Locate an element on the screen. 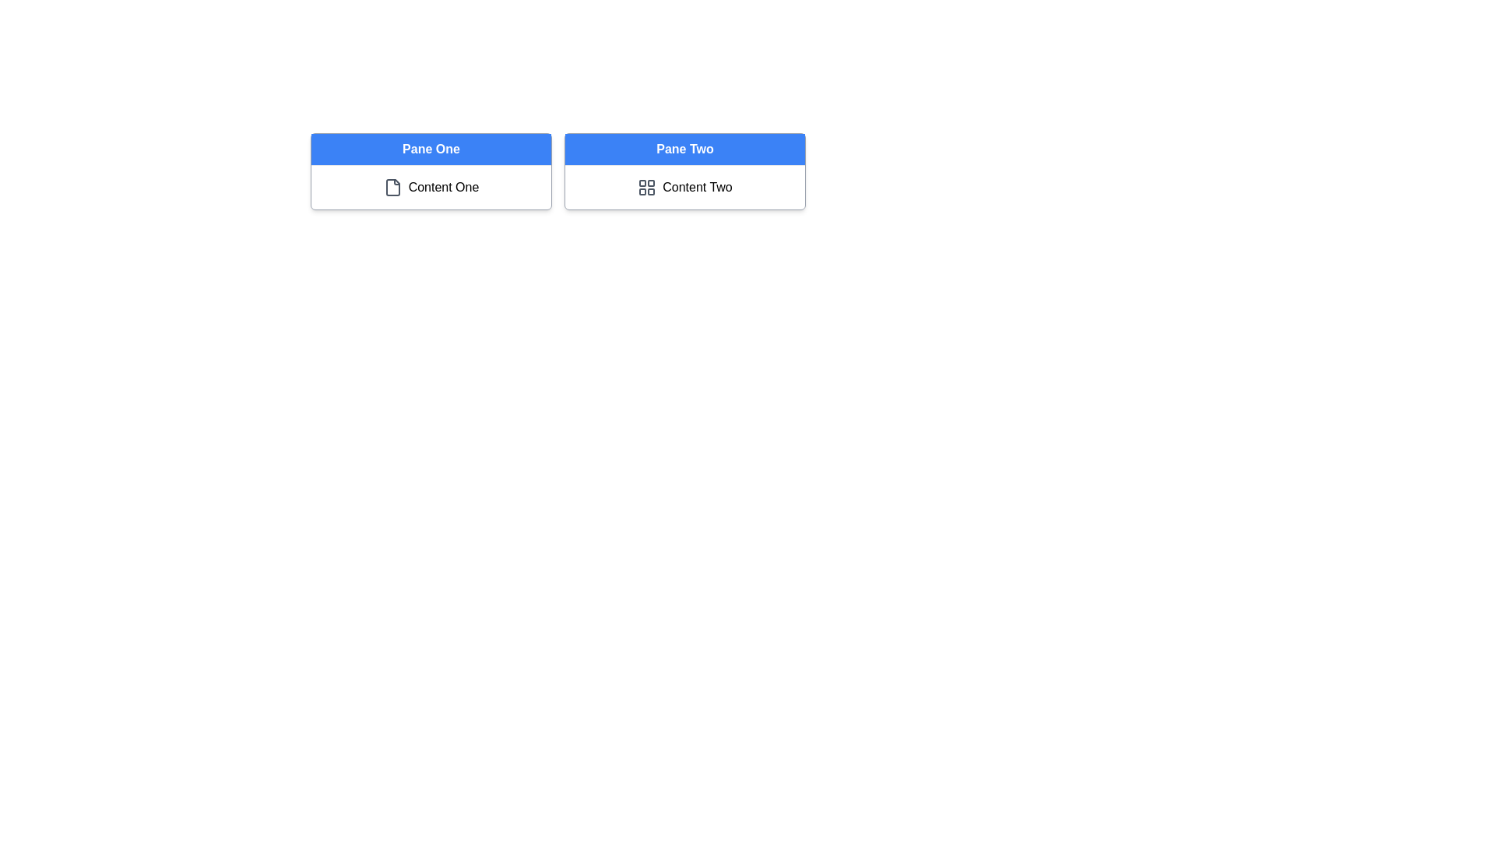 This screenshot has height=841, width=1495. the file icon representing the 'Content One' section, which is located in the top-left corner of 'Pane One.' is located at coordinates (392, 186).